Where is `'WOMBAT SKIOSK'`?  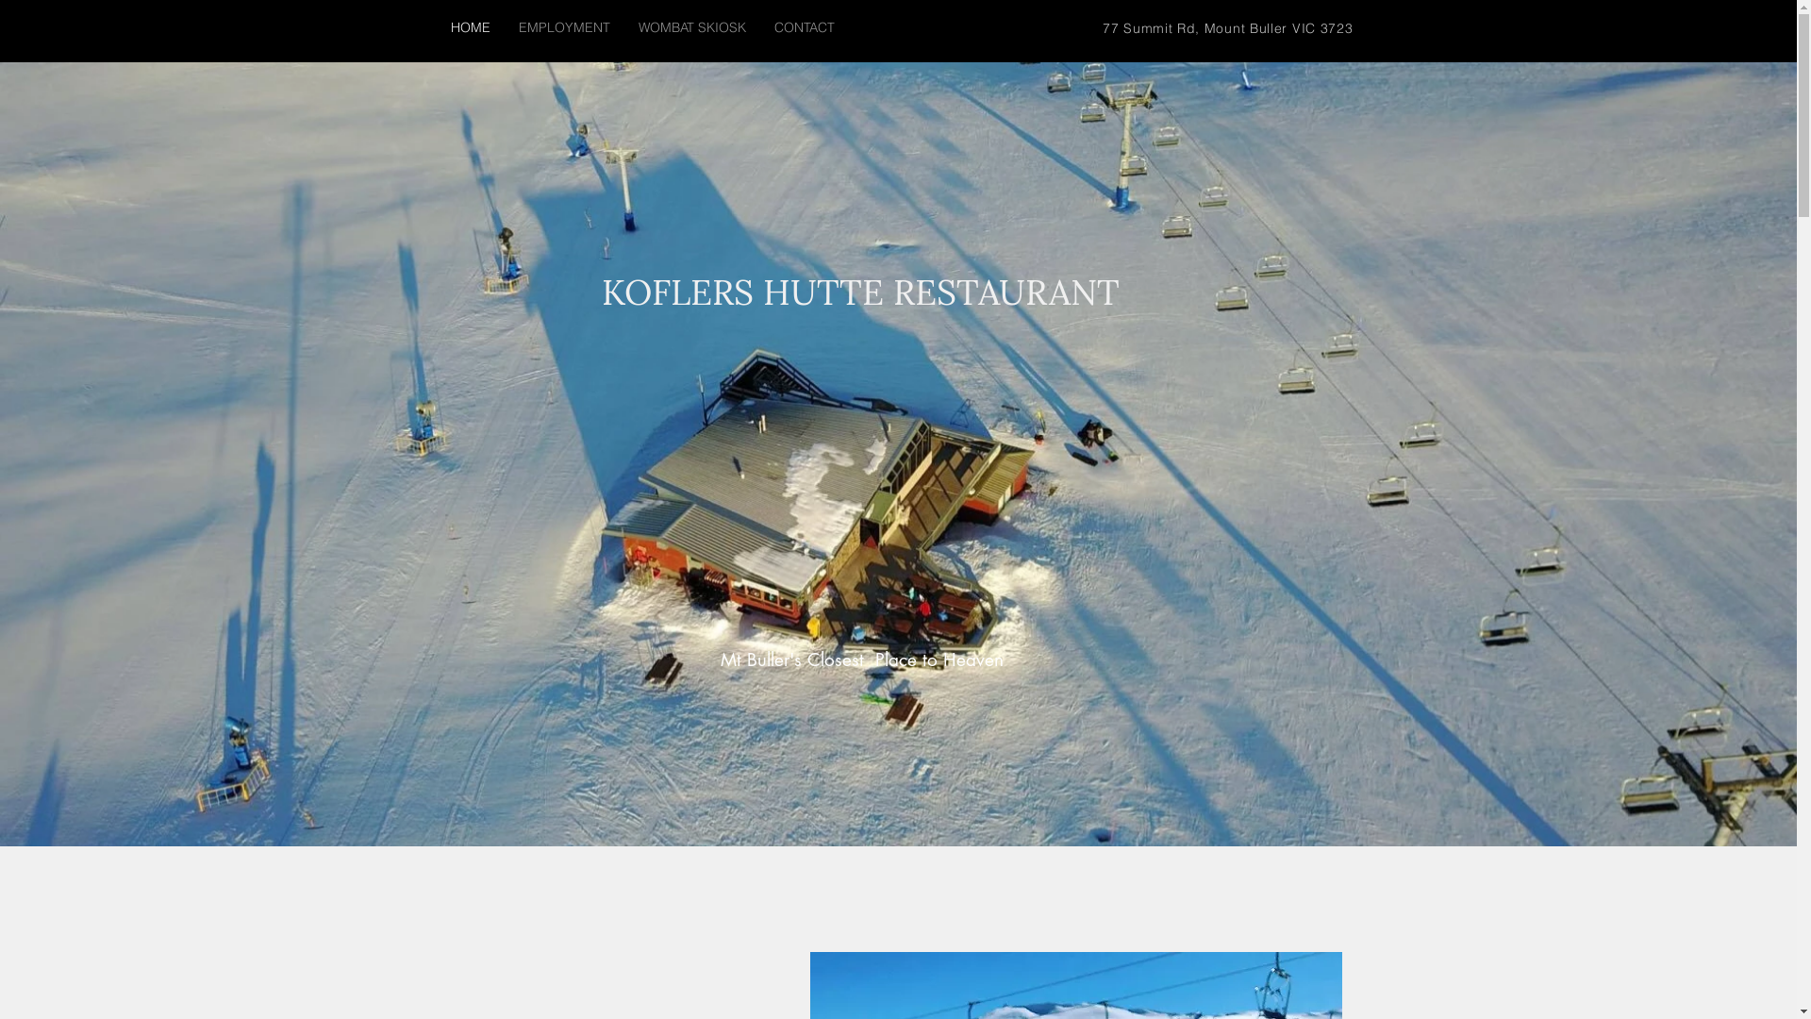
'WOMBAT SKIOSK' is located at coordinates (691, 27).